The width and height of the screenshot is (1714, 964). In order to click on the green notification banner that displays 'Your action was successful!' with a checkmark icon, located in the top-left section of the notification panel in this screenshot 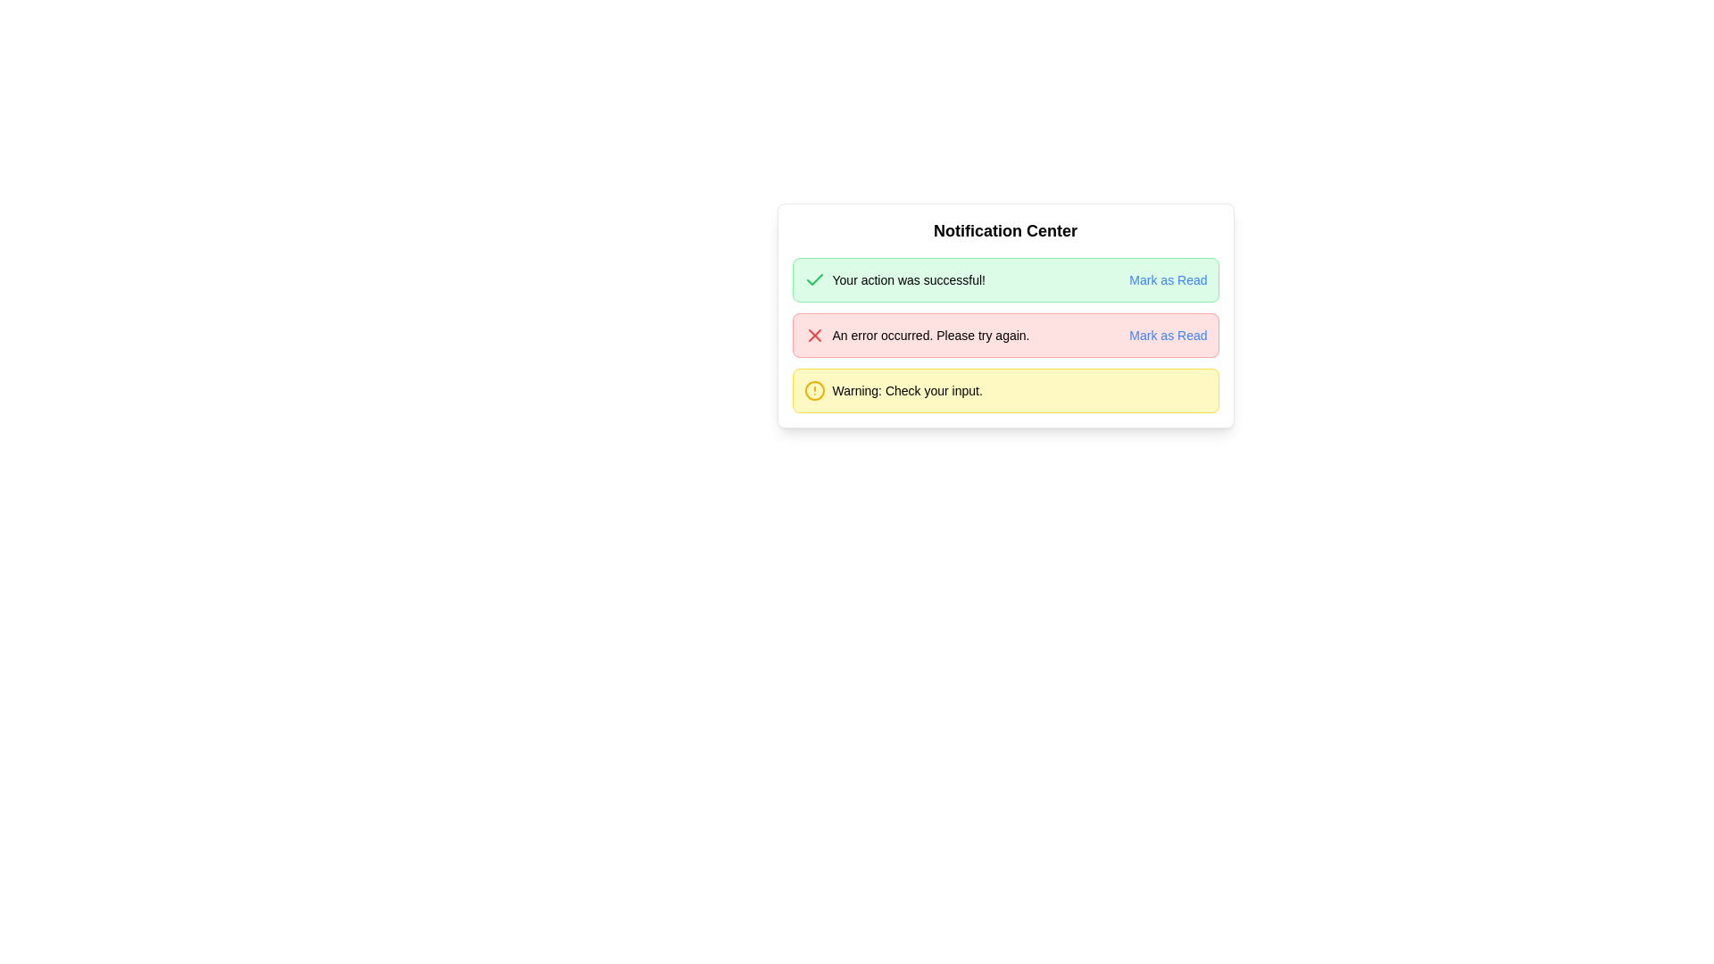, I will do `click(894, 279)`.